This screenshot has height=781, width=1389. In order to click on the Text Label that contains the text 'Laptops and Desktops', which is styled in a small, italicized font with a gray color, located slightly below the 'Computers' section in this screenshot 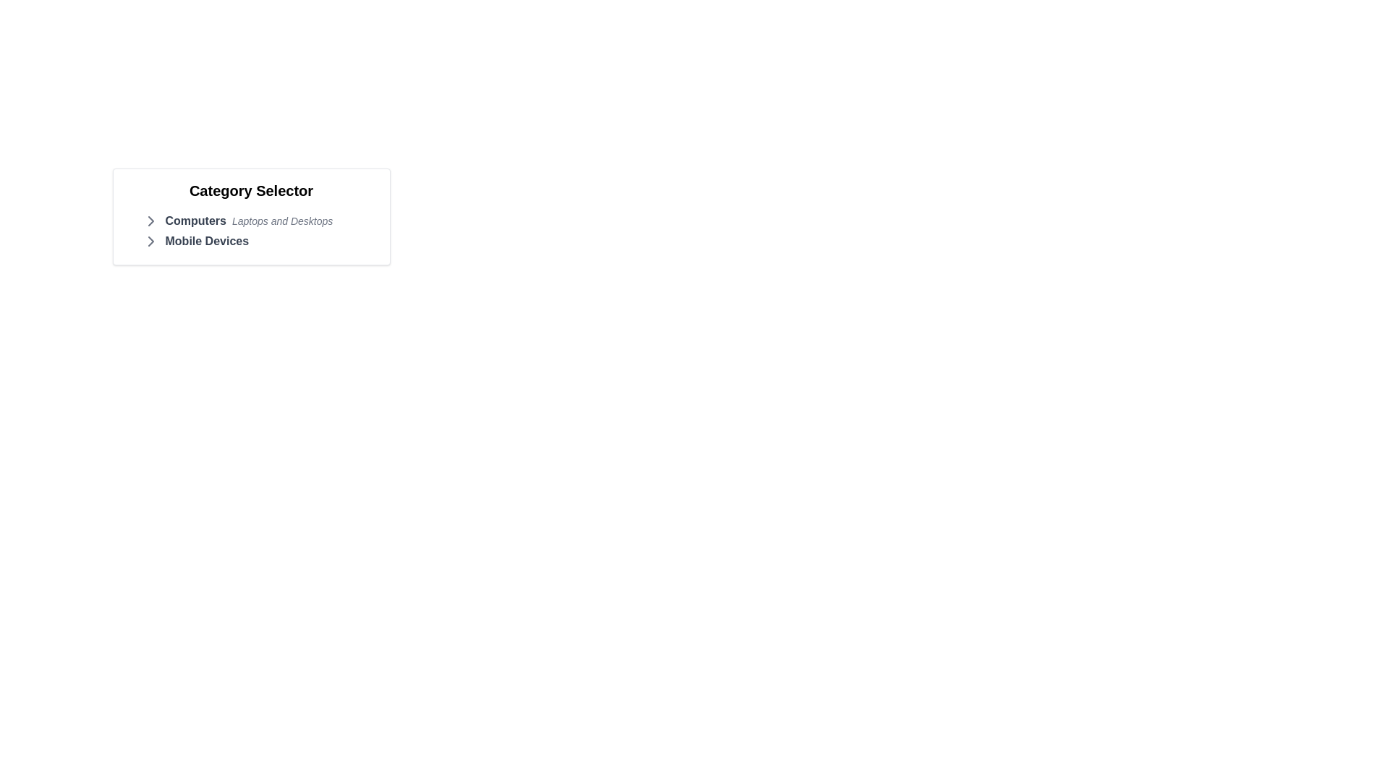, I will do `click(282, 221)`.